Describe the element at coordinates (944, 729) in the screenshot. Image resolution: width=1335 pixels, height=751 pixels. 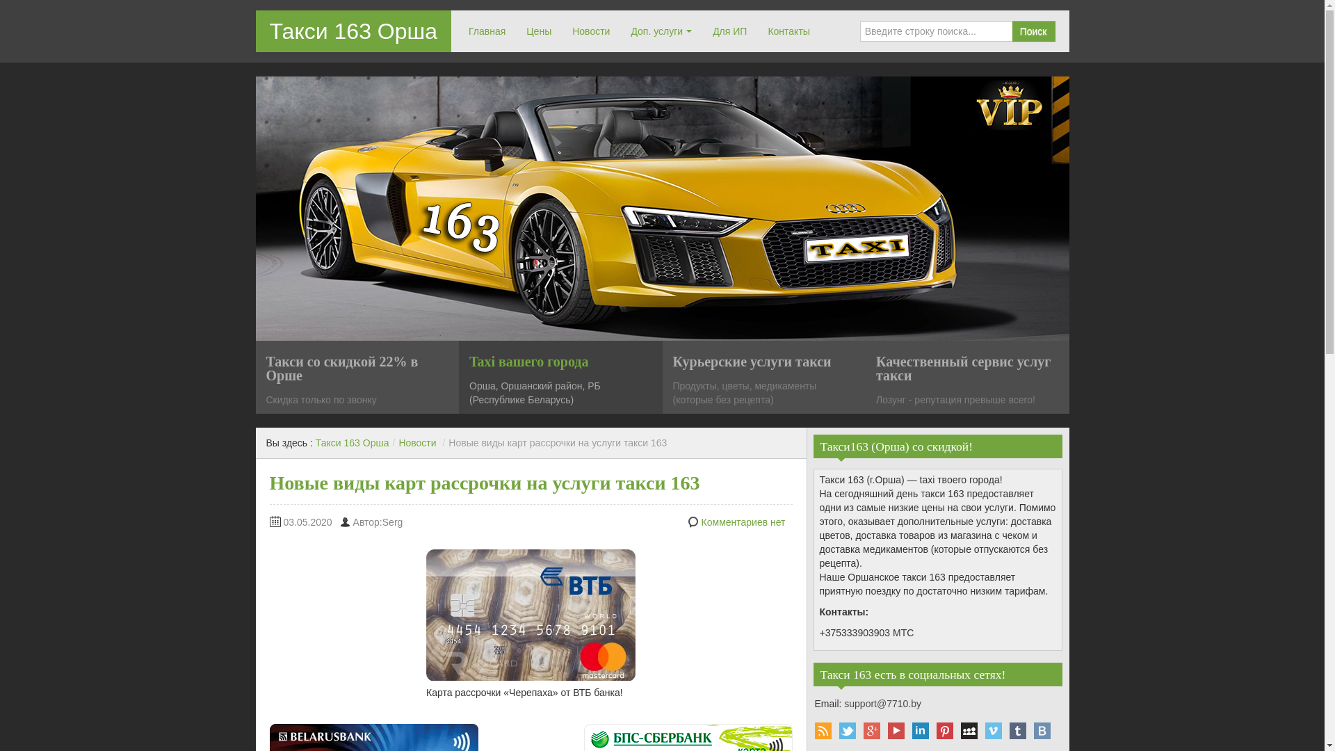
I see `'Pinterest'` at that location.